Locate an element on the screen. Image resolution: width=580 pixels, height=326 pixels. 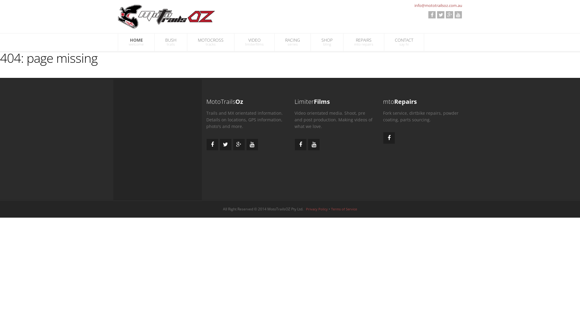
'REPAIRS is located at coordinates (363, 42).